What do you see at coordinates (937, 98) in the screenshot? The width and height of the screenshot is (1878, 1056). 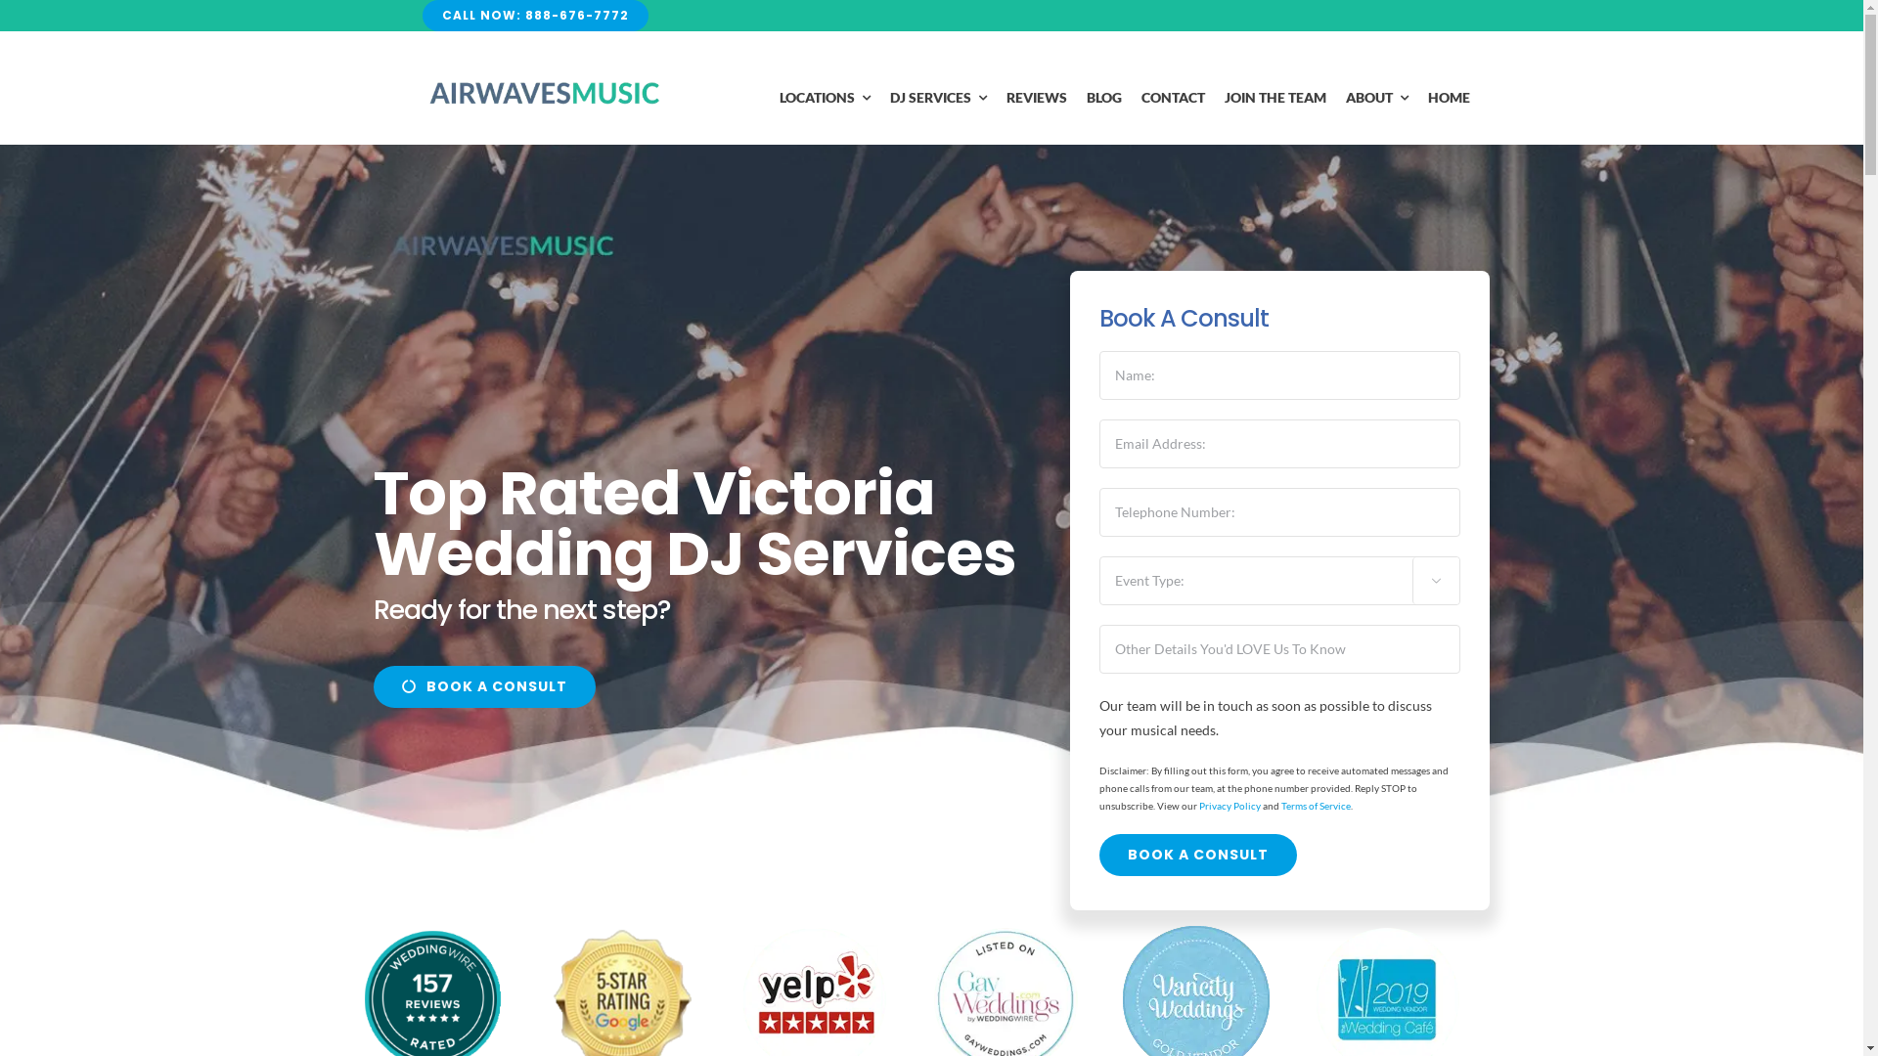 I see `'DJ SERVICES'` at bounding box center [937, 98].